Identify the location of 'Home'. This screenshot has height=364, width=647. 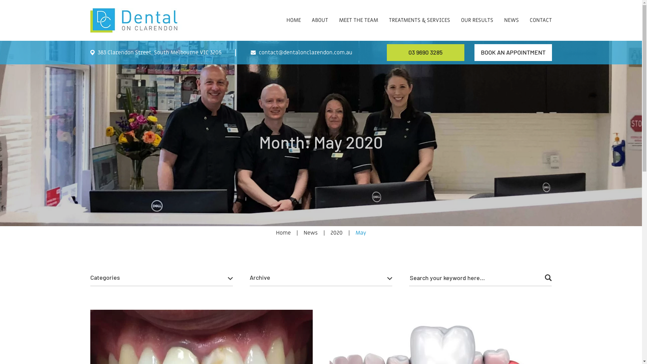
(283, 232).